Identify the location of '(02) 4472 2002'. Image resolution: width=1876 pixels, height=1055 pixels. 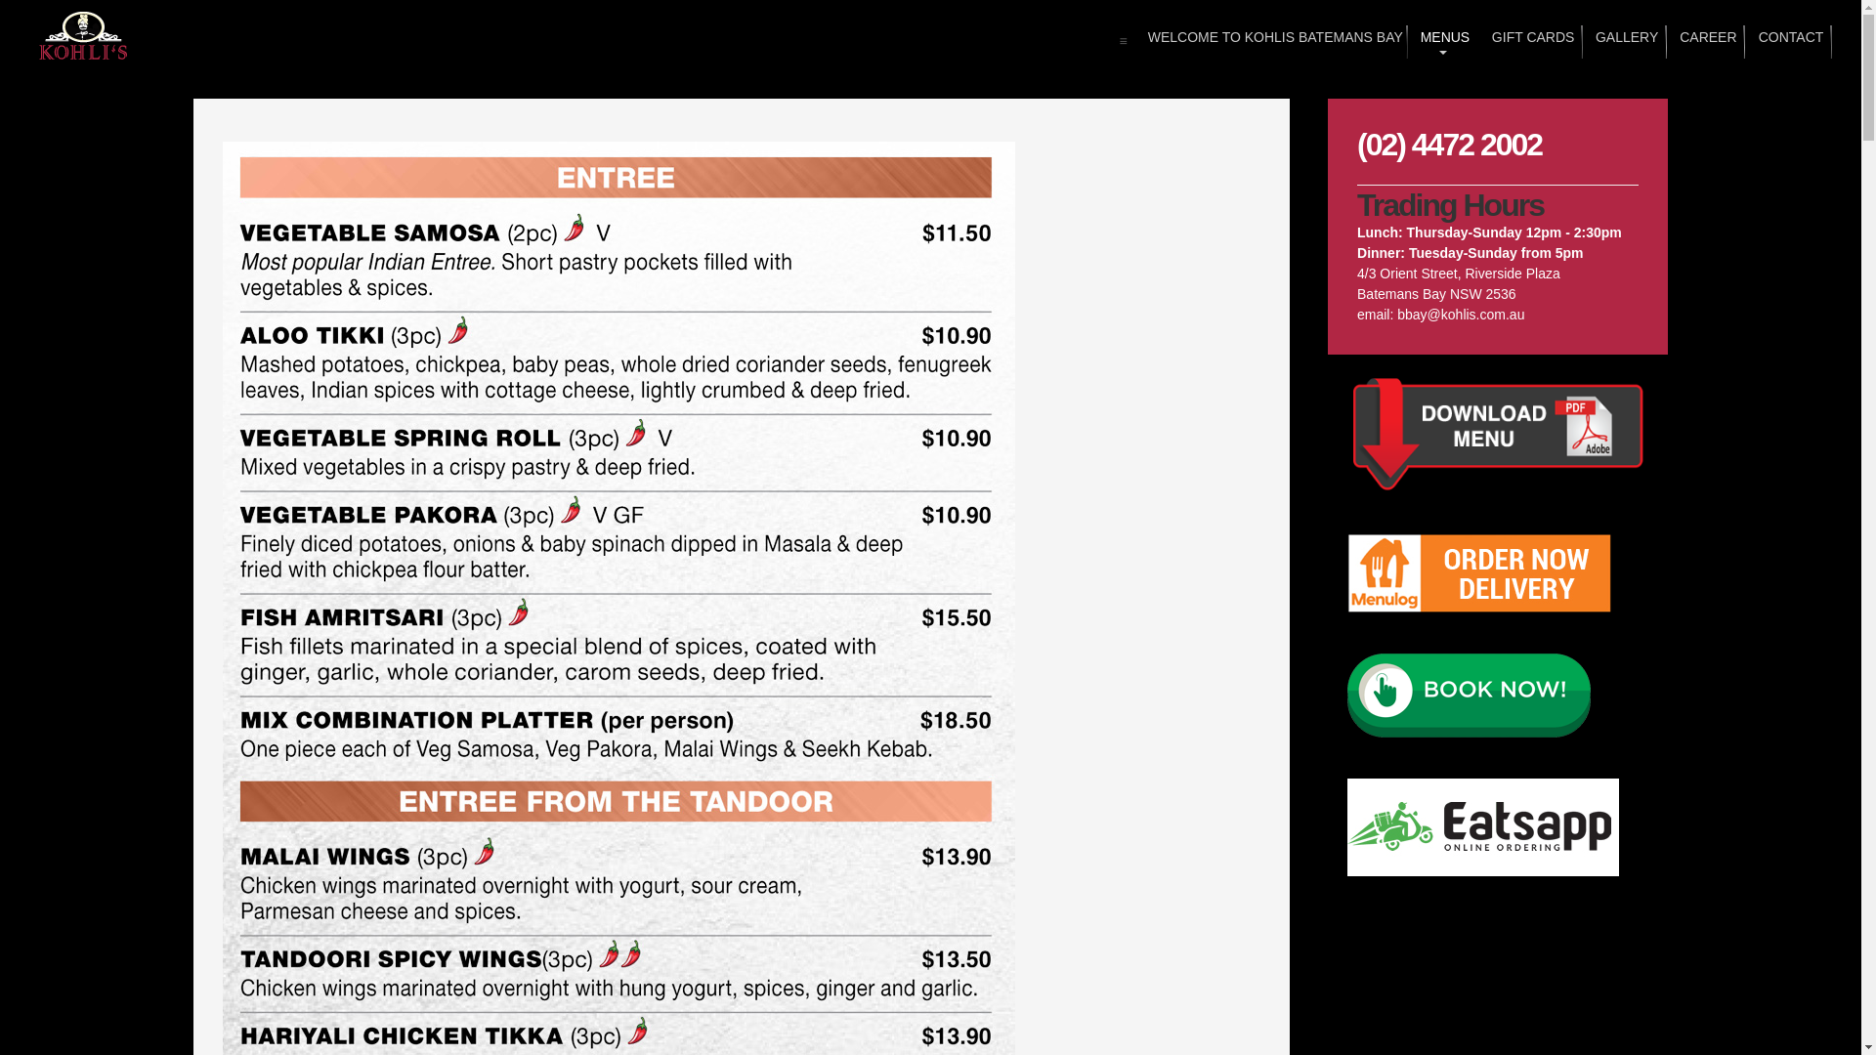
(1449, 143).